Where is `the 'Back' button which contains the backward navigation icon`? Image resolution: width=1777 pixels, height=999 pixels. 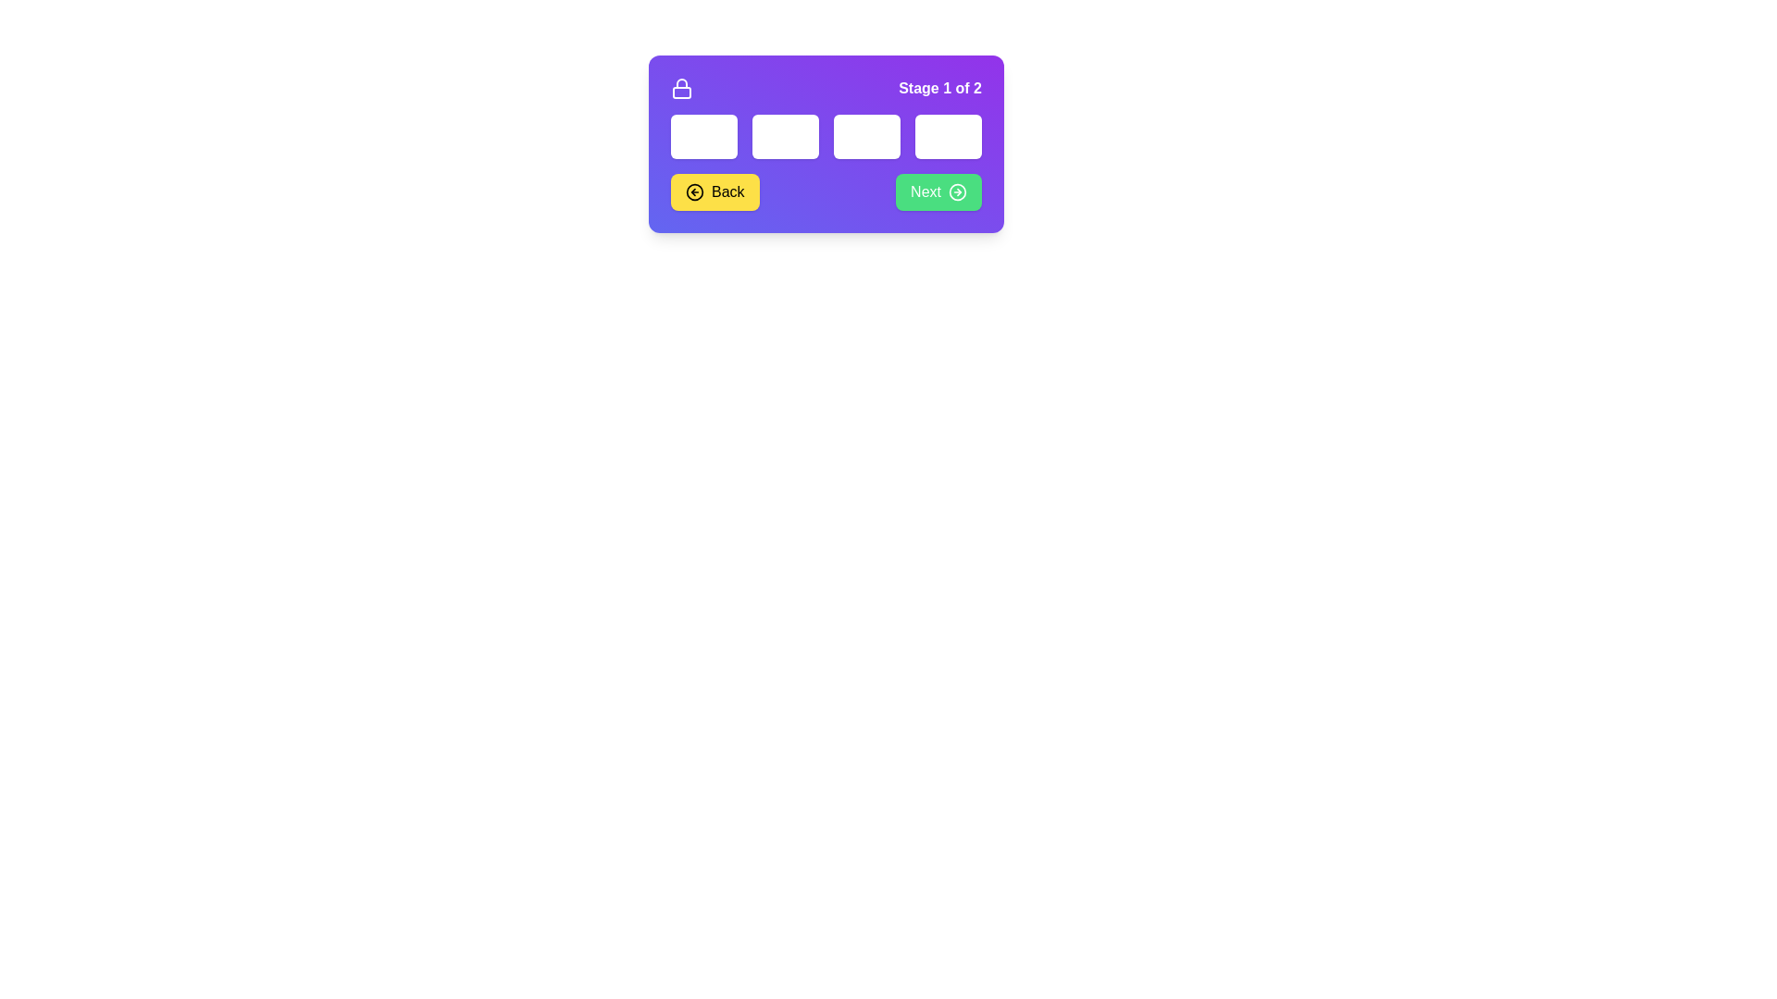 the 'Back' button which contains the backward navigation icon is located at coordinates (693, 192).